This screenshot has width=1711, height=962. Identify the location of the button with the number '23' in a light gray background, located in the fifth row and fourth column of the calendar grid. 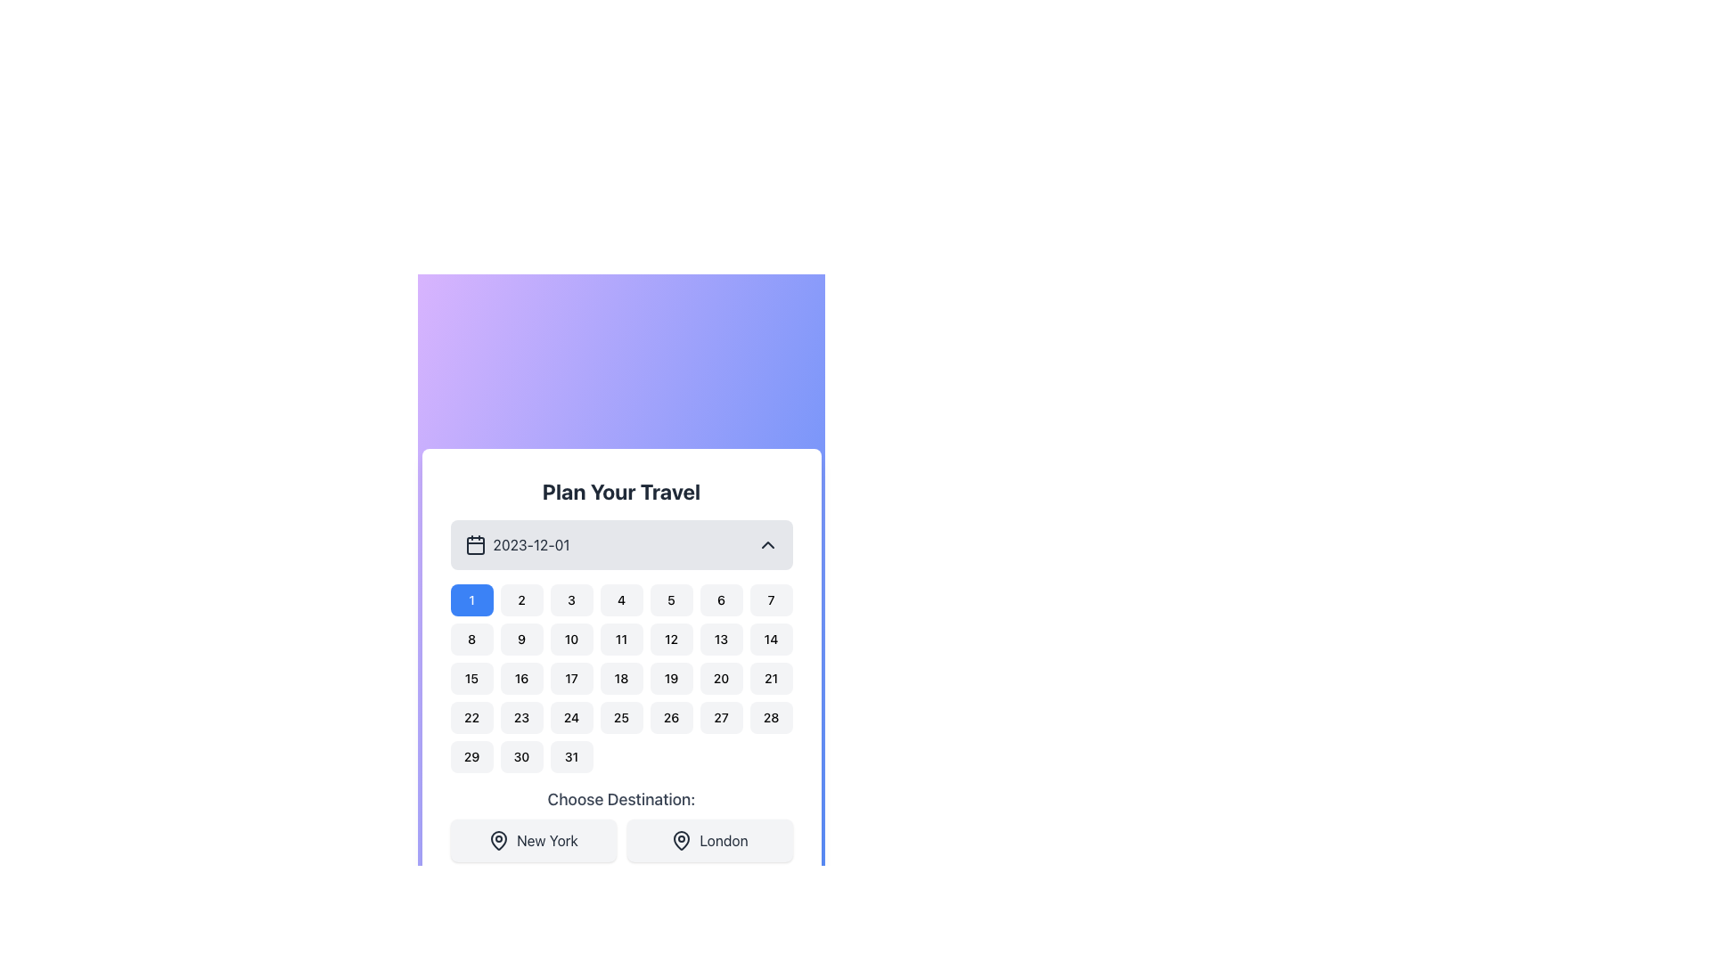
(520, 717).